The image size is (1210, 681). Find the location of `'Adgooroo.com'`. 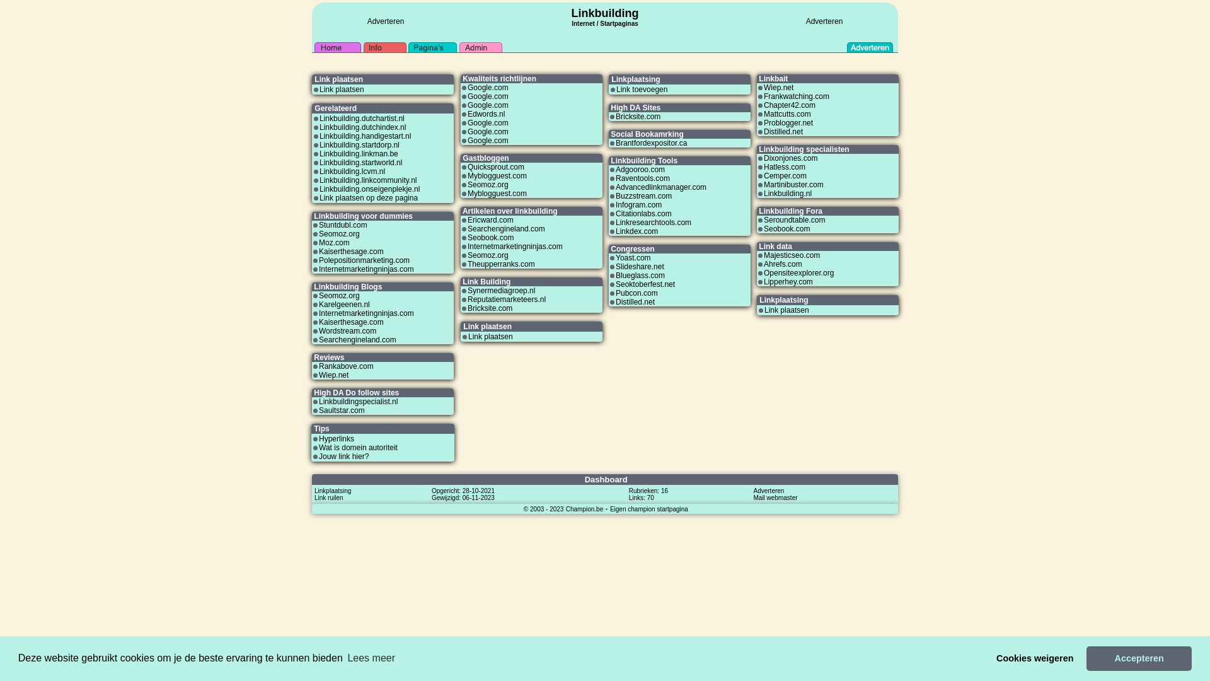

'Adgooroo.com' is located at coordinates (640, 169).